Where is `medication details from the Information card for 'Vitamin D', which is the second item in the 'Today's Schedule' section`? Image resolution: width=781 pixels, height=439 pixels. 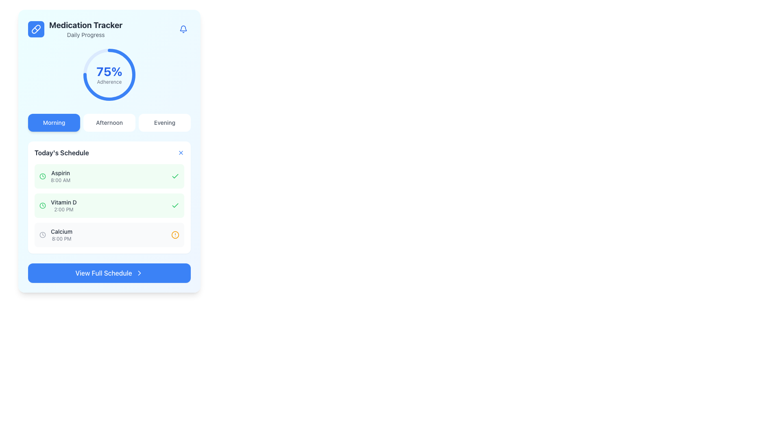
medication details from the Information card for 'Vitamin D', which is the second item in the 'Today's Schedule' section is located at coordinates (109, 198).